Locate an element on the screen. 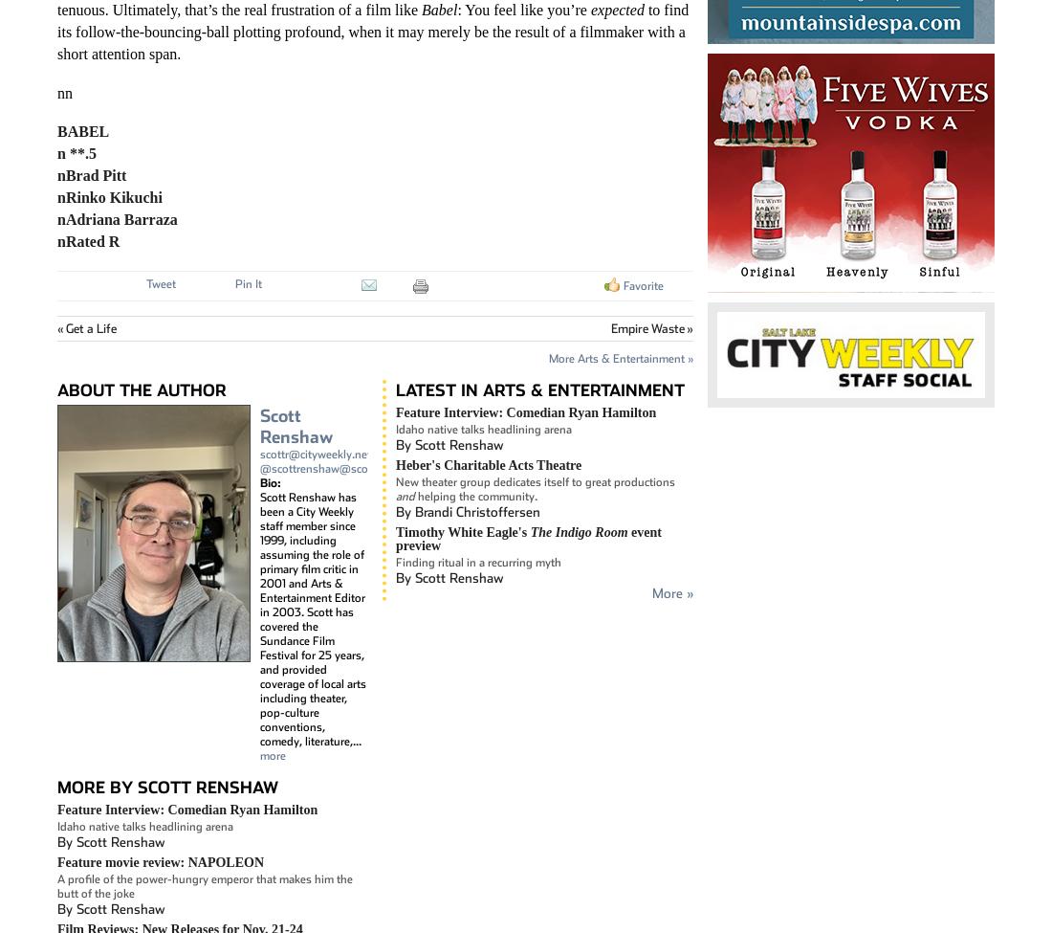  'and' is located at coordinates (405, 494).